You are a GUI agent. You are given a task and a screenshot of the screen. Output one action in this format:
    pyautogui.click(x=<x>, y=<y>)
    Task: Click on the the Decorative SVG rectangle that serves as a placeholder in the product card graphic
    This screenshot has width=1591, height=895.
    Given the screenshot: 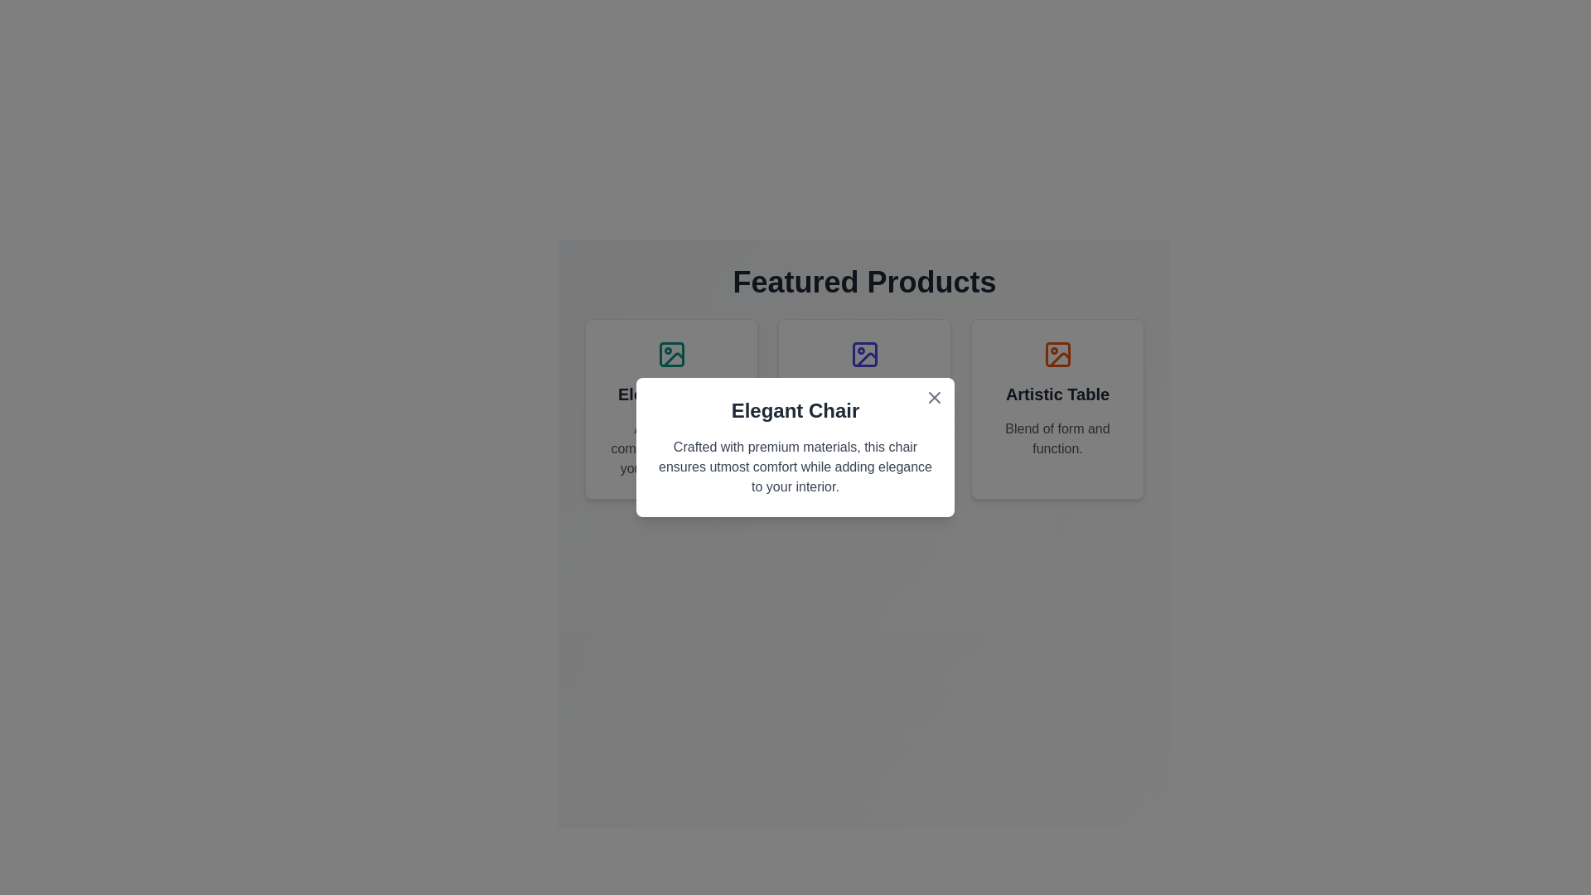 What is the action you would take?
    pyautogui.click(x=671, y=354)
    